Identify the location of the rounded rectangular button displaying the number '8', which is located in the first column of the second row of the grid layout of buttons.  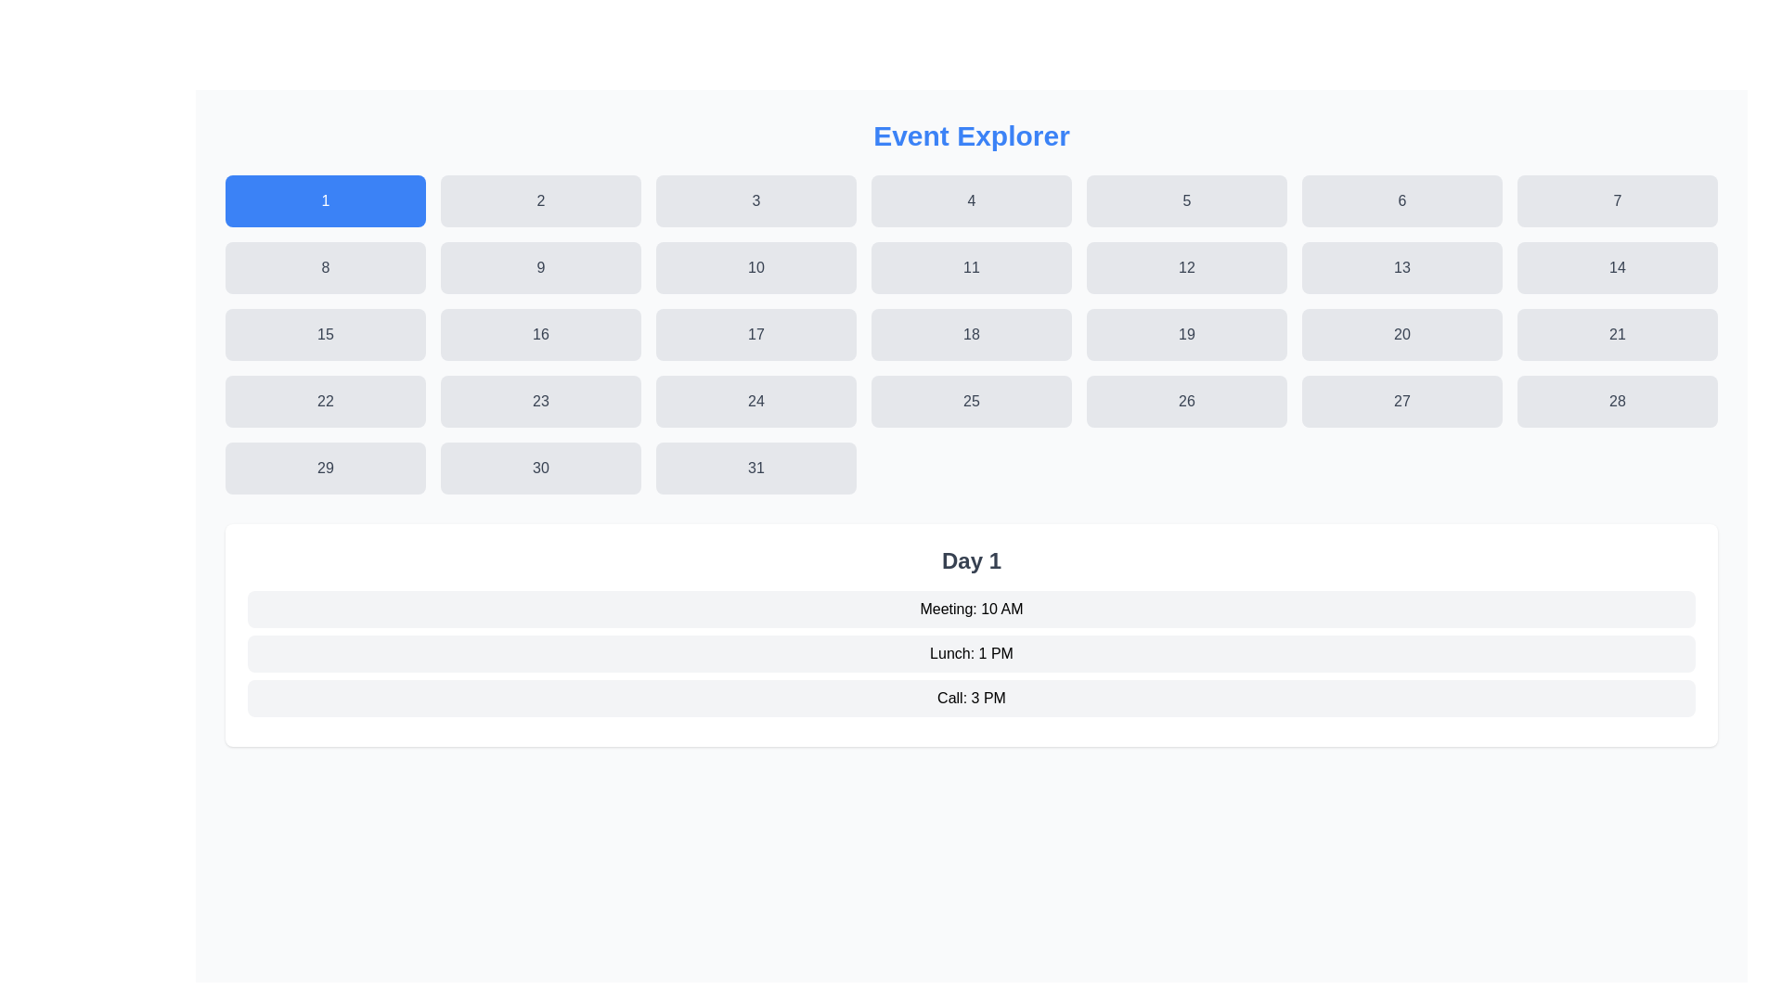
(325, 268).